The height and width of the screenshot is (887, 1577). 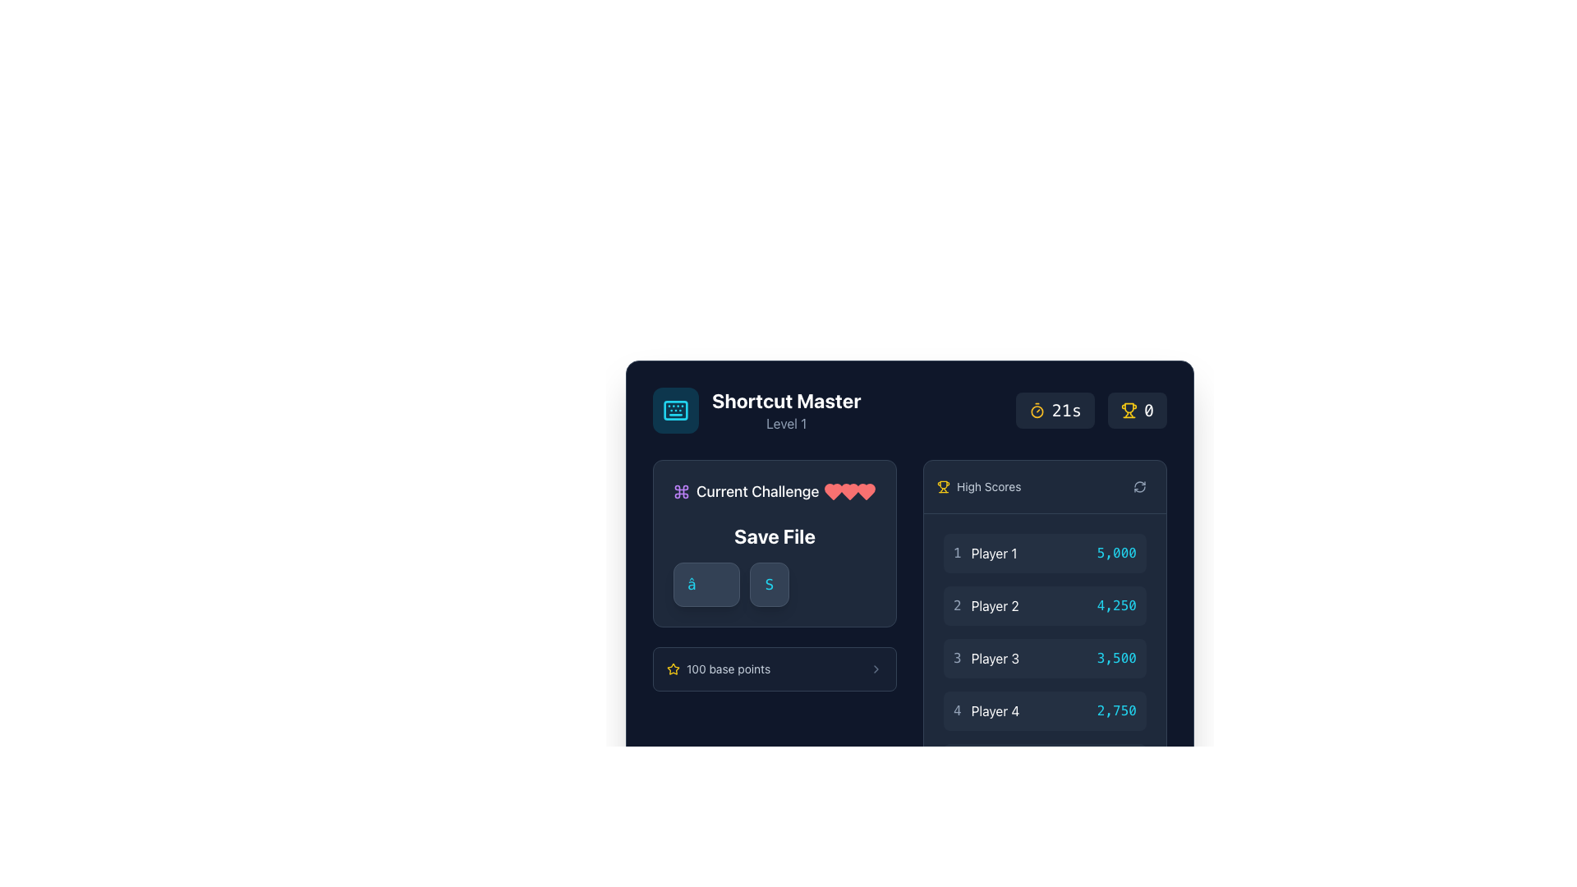 What do you see at coordinates (866, 490) in the screenshot?
I see `the middle heart icon in the 'Current Challenge' section, which visually represents the user's status and is located in the top-left quadrant of the application interface` at bounding box center [866, 490].